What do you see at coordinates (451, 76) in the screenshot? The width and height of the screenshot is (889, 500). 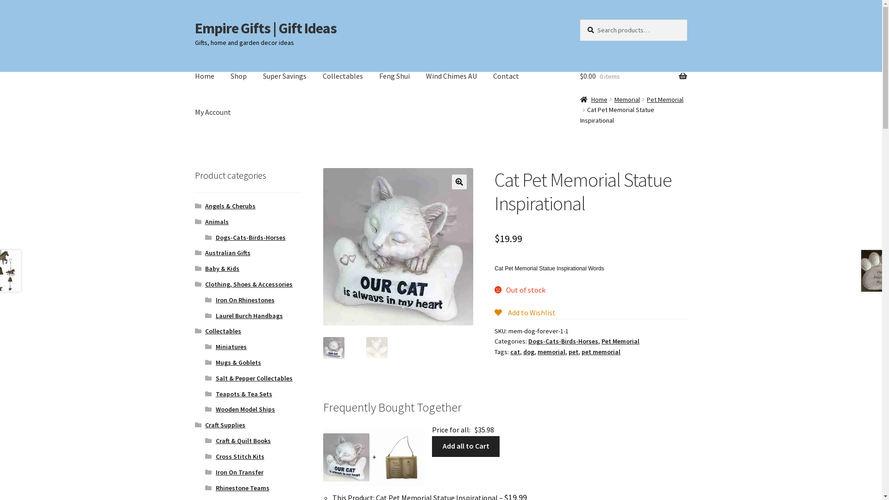 I see `'Wind Chimes AU'` at bounding box center [451, 76].